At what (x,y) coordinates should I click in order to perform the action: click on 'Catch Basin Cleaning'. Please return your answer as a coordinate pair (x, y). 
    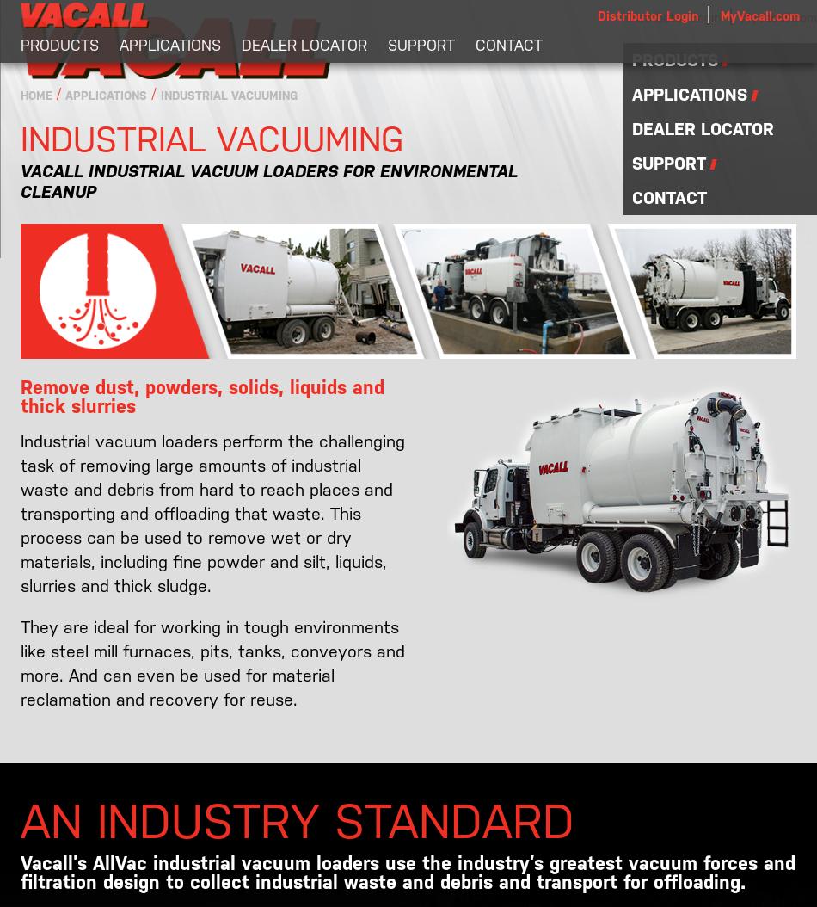
    Looking at the image, I should click on (104, 101).